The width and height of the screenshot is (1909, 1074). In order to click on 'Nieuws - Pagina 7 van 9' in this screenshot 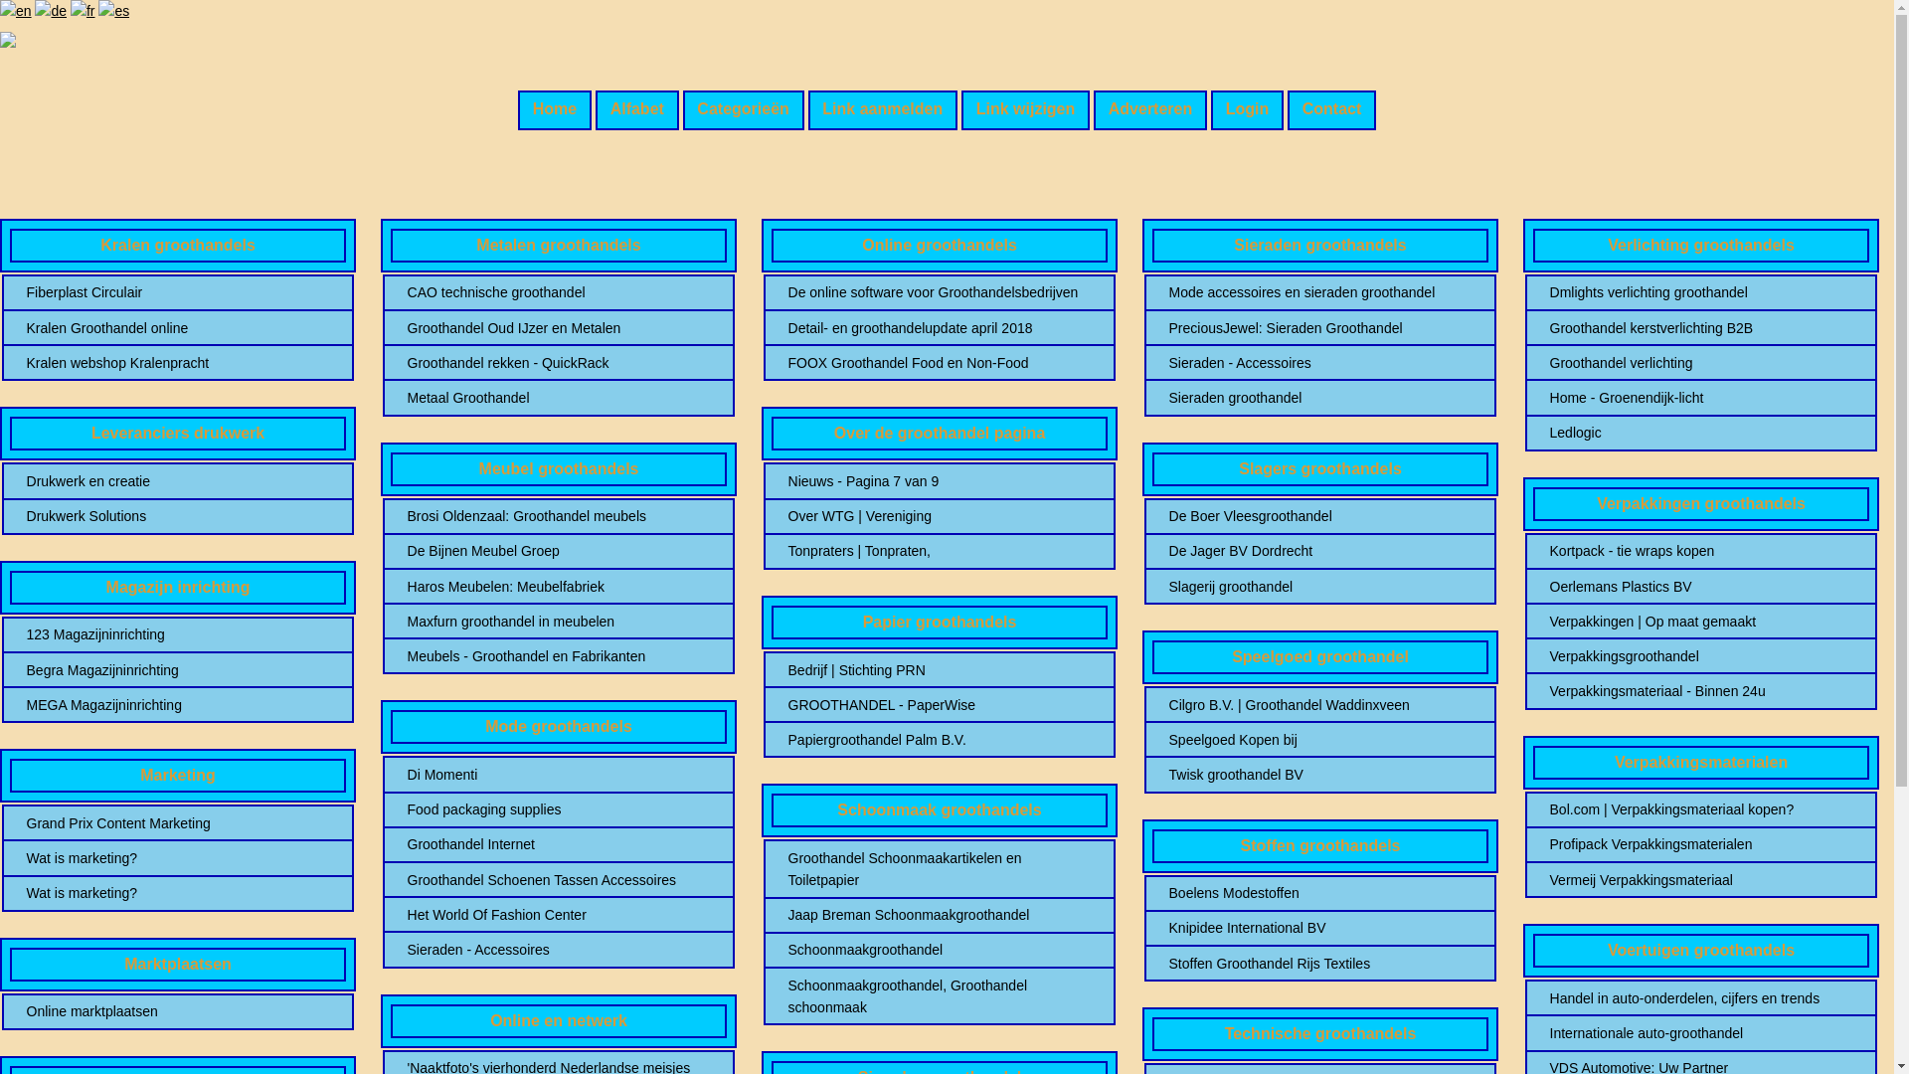, I will do `click(939, 480)`.